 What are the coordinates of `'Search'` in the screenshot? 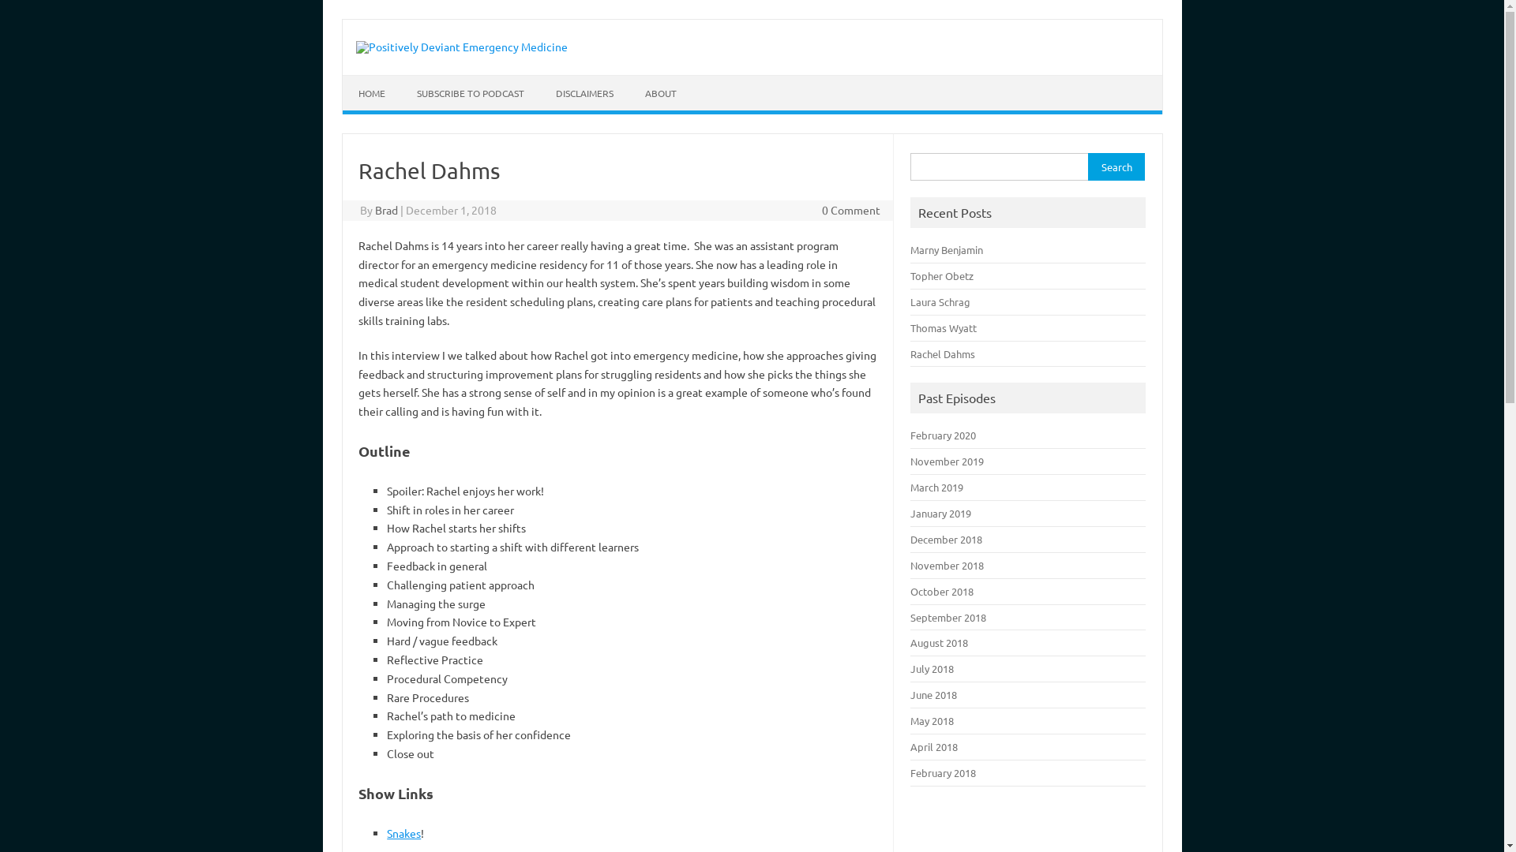 It's located at (1115, 166).